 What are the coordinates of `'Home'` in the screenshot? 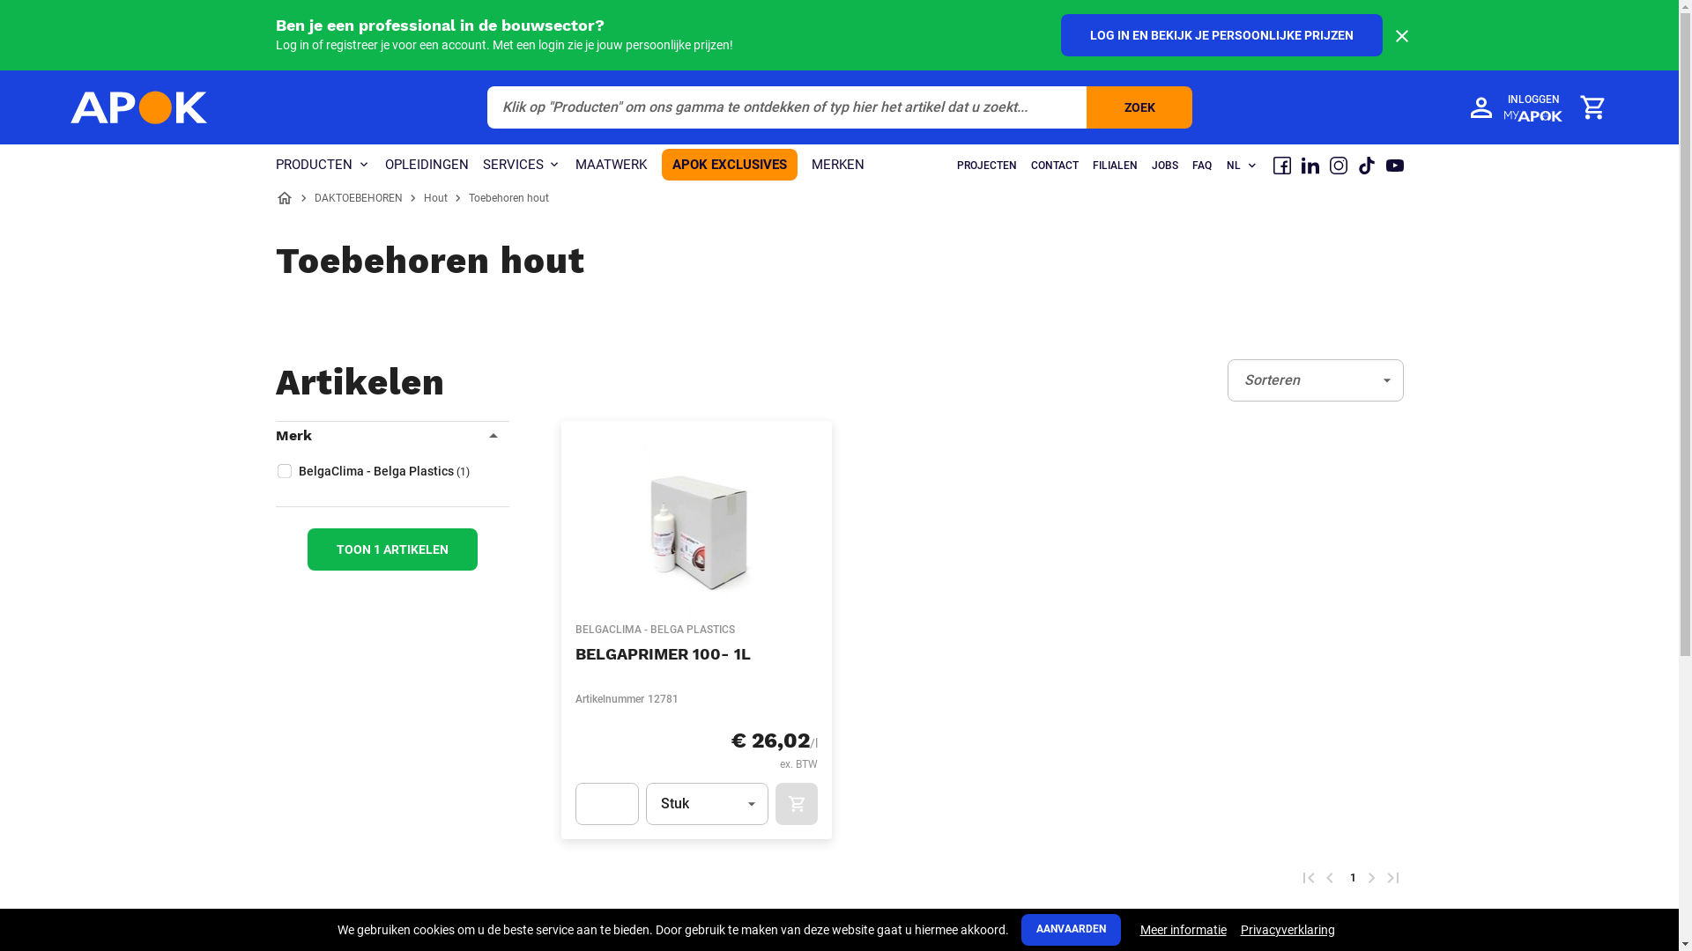 It's located at (283, 197).